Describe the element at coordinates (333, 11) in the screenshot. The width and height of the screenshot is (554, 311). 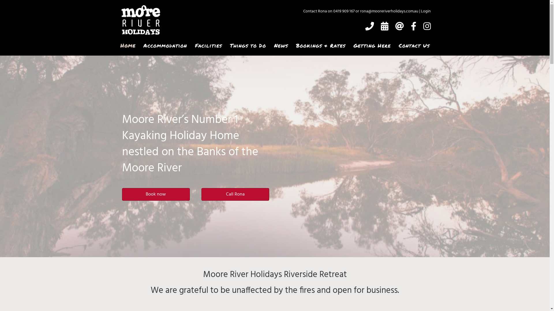
I see `'0419 909 167'` at that location.